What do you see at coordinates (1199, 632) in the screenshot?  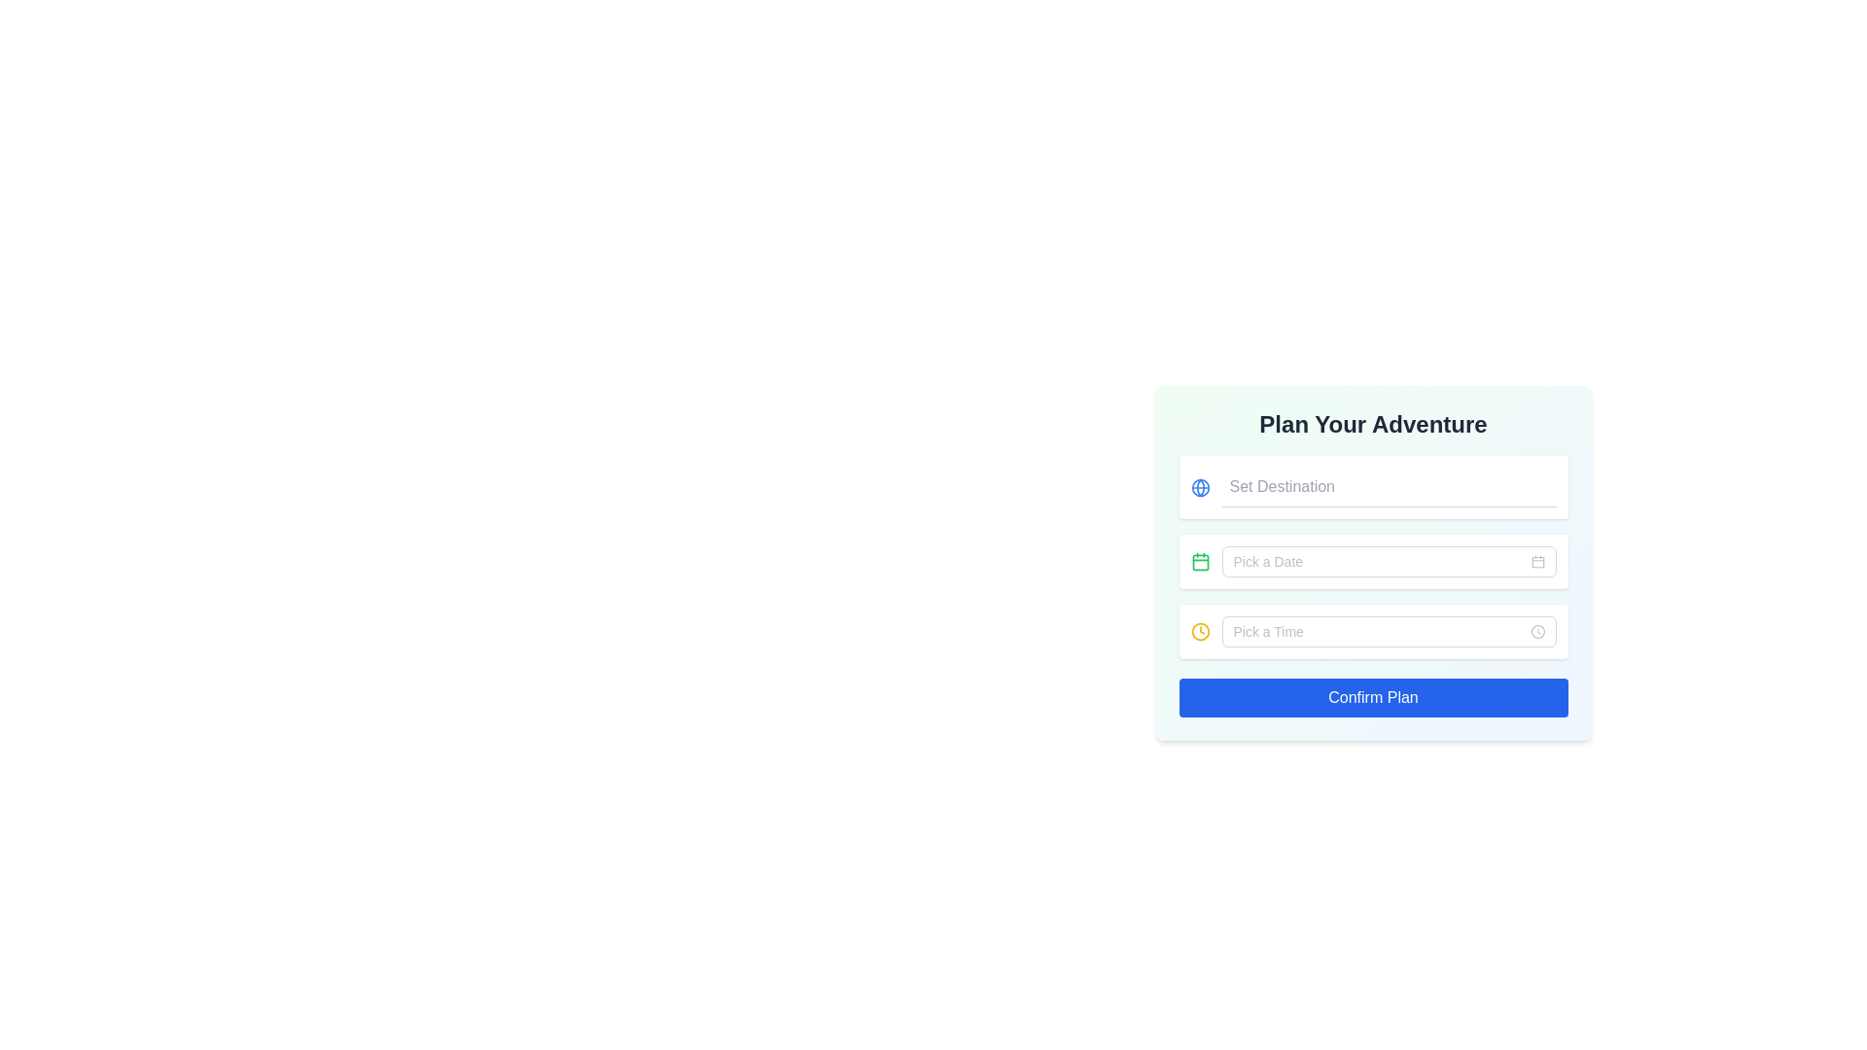 I see `the yellow circular clock icon, which is the left-most icon in the first row of input fields` at bounding box center [1199, 632].